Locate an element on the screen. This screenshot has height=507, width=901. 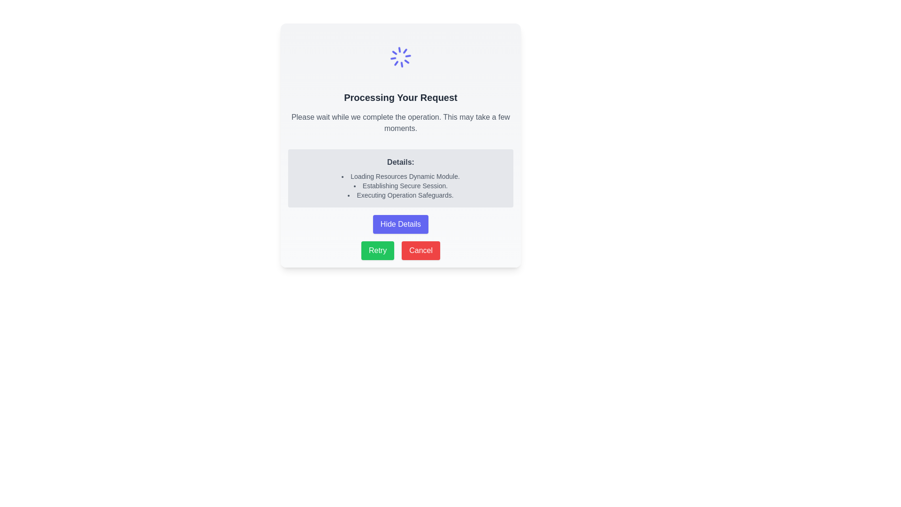
the button that toggles the visibility of the displayed details above, located below the 'Details:' section and above the 'Retry' and 'Cancel' buttons is located at coordinates (401, 224).